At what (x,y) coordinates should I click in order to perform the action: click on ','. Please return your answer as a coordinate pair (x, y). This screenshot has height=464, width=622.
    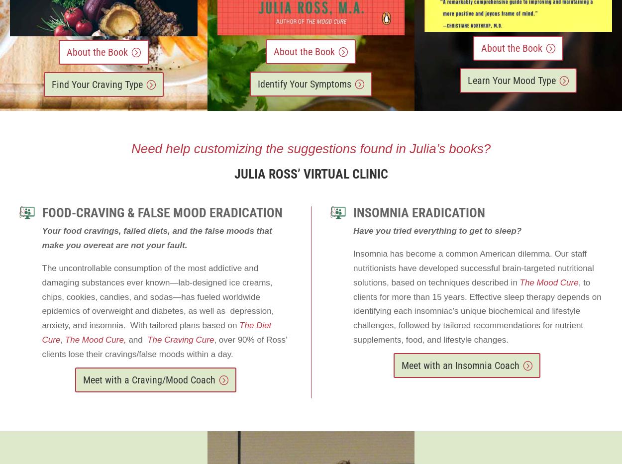
    Looking at the image, I should click on (60, 340).